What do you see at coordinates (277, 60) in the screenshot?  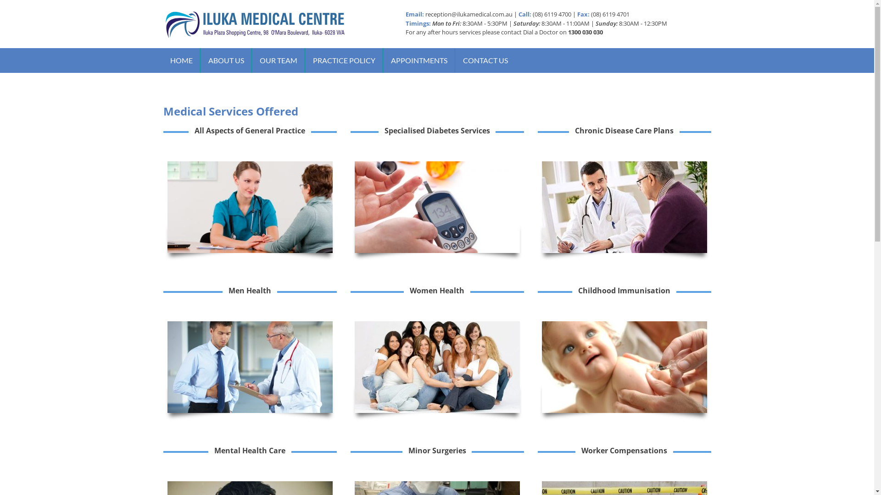 I see `'OUR TEAM'` at bounding box center [277, 60].